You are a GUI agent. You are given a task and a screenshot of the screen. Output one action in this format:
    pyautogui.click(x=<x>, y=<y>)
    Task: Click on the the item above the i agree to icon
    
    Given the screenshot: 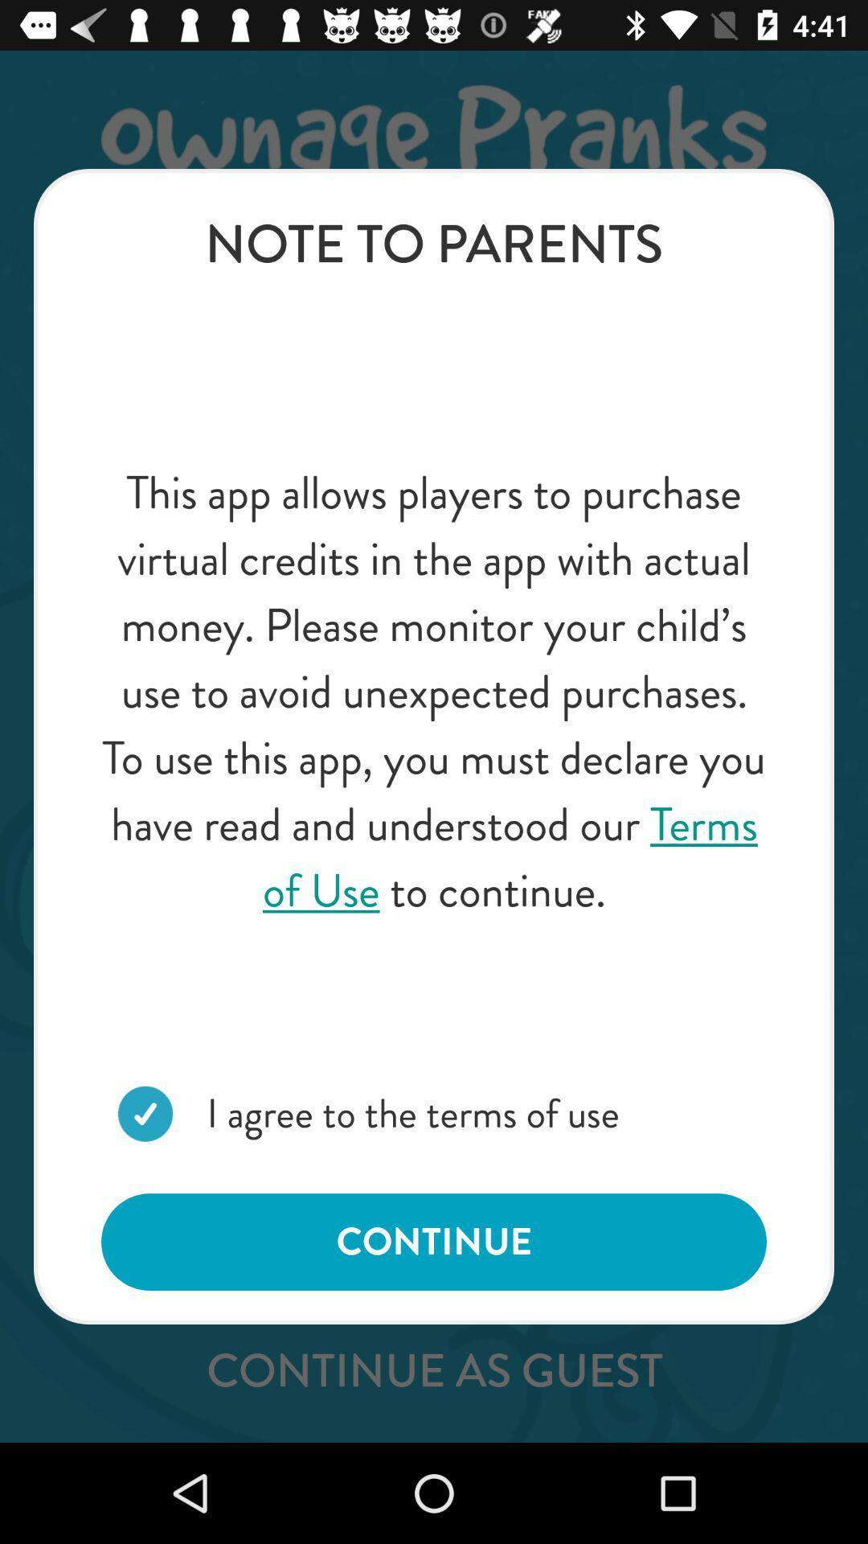 What is the action you would take?
    pyautogui.click(x=434, y=692)
    